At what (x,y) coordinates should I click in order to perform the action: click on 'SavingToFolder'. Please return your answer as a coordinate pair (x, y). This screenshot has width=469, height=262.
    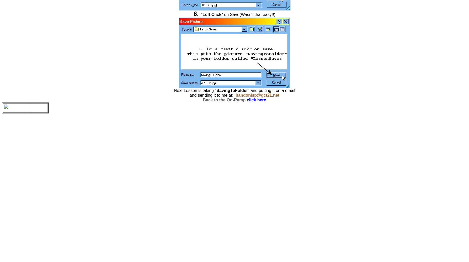
    Looking at the image, I should click on (232, 90).